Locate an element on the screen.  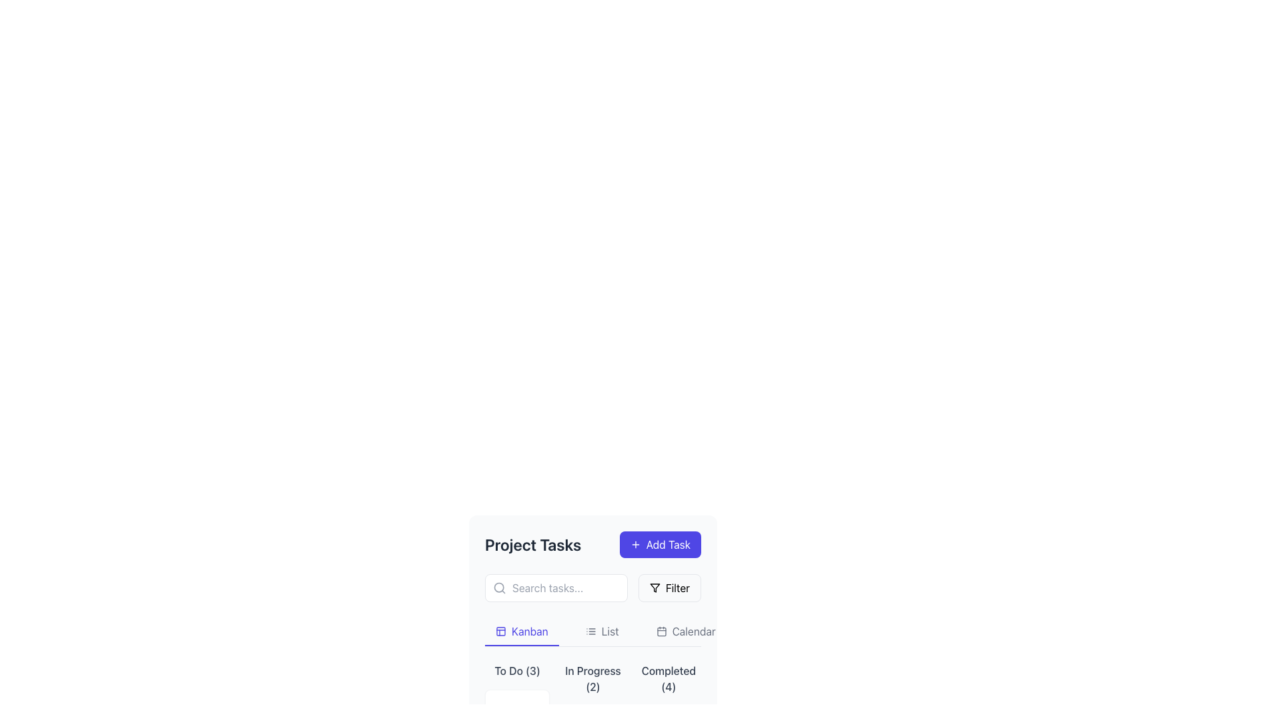
the icon structured within a square frame divided into quadrants, located in the 'Kanban' section beneath the search bar in the 'Project Tasks' interface is located at coordinates (500, 631).